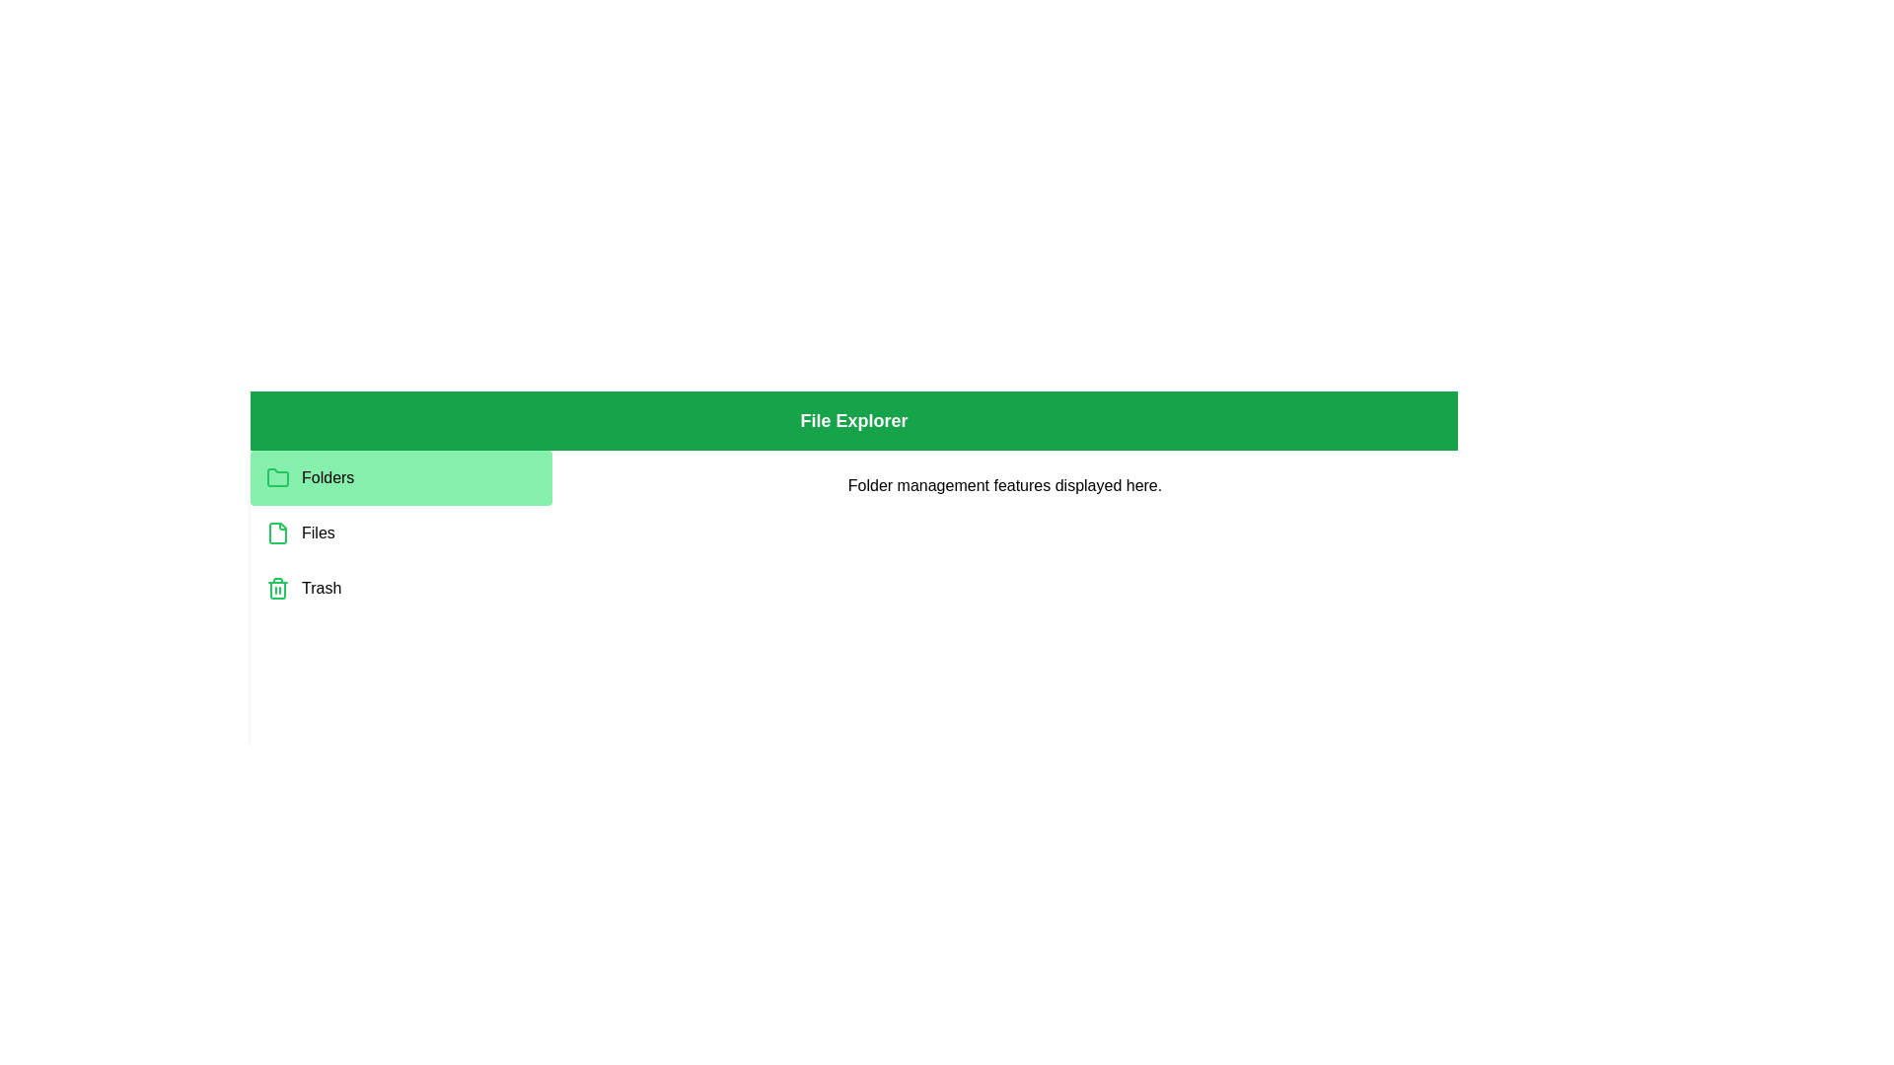 The width and height of the screenshot is (1894, 1065). Describe the element at coordinates (401, 588) in the screenshot. I see `the Trash menu by clicking on its corresponding menu item` at that location.